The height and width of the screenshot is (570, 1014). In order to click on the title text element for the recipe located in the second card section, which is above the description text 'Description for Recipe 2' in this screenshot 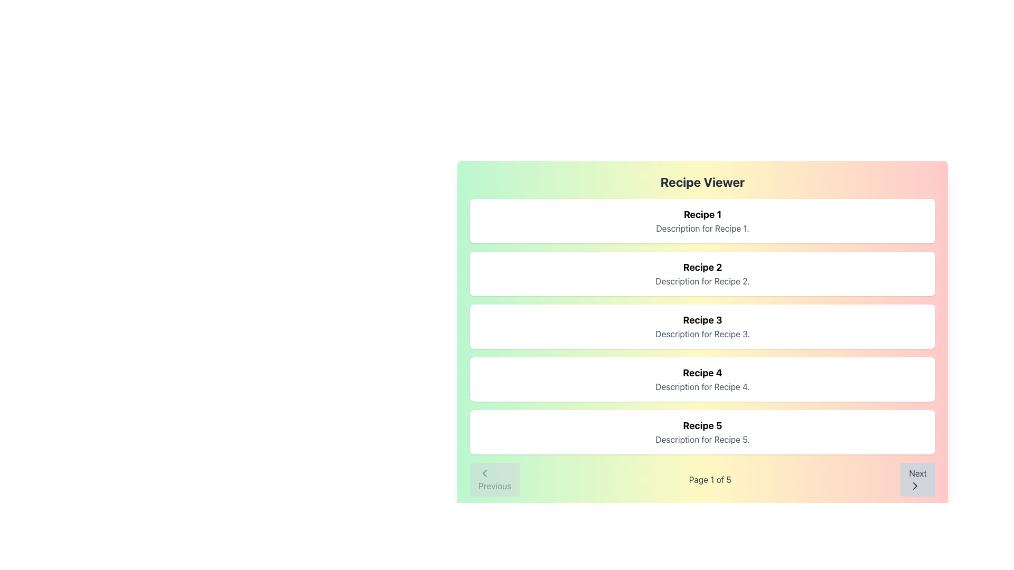, I will do `click(702, 267)`.